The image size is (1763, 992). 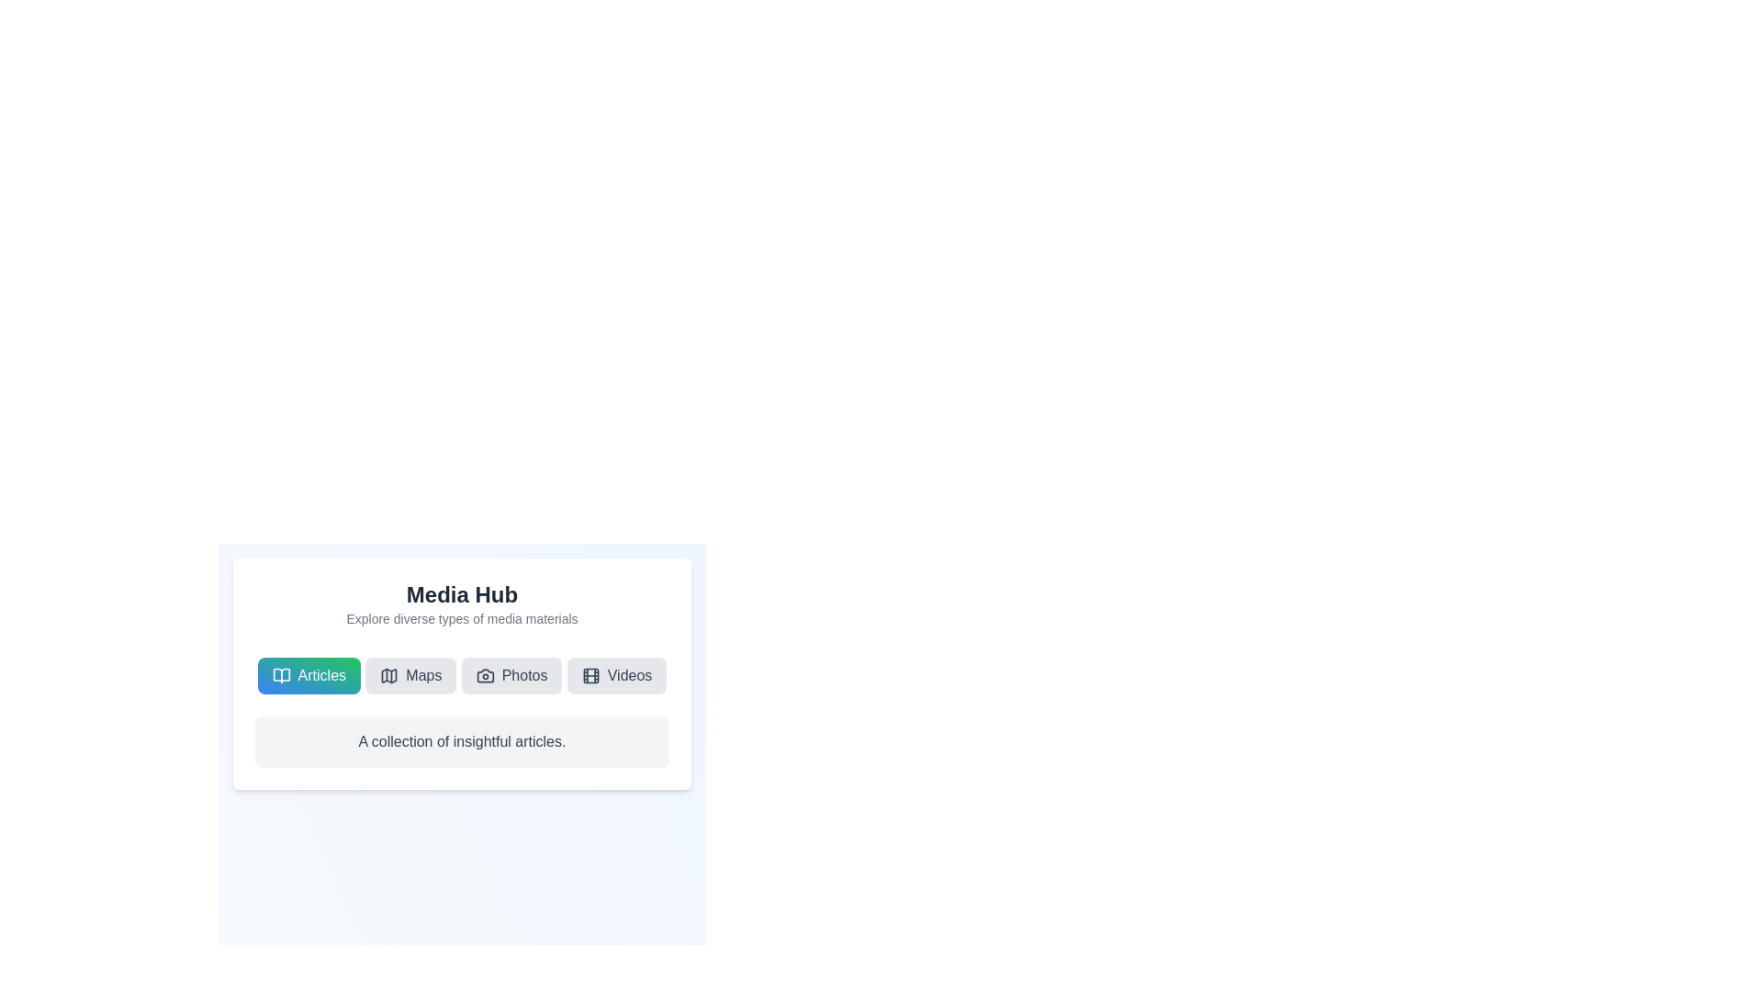 I want to click on the camera icon representing the 'Photos' option, so click(x=485, y=676).